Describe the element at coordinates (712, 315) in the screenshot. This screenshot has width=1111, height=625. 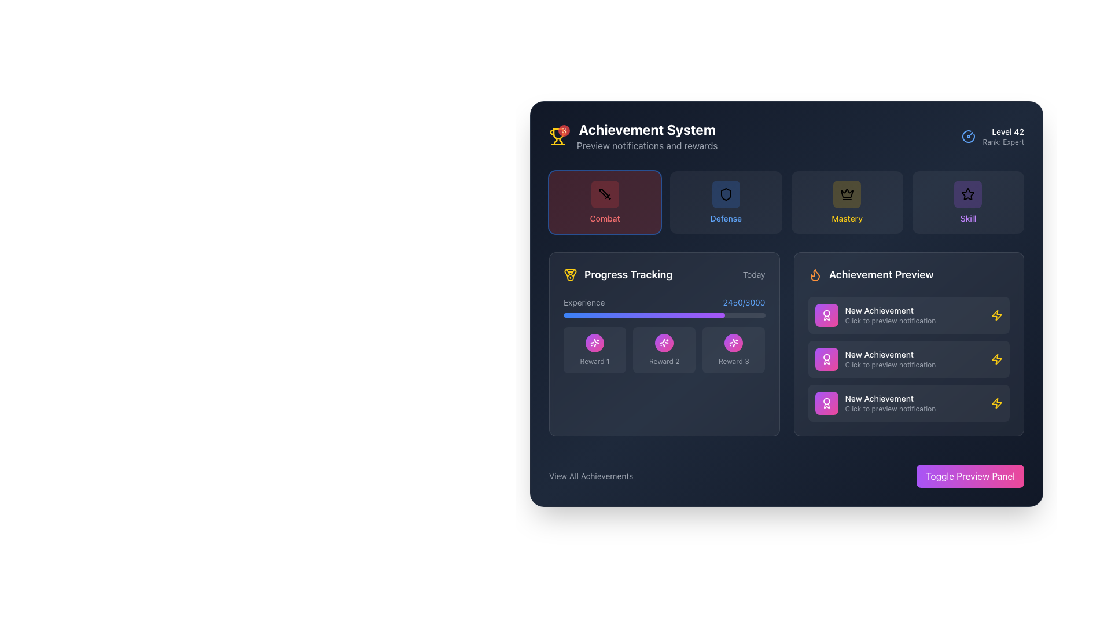
I see `the progress` at that location.